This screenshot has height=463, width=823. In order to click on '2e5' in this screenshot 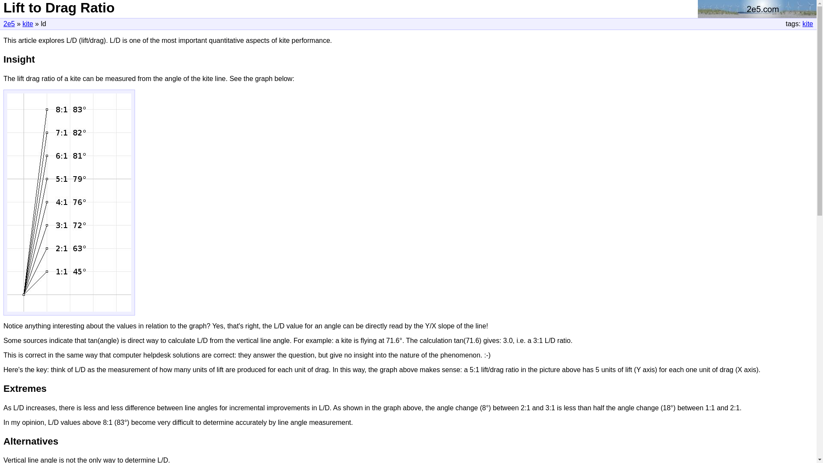, I will do `click(9, 23)`.